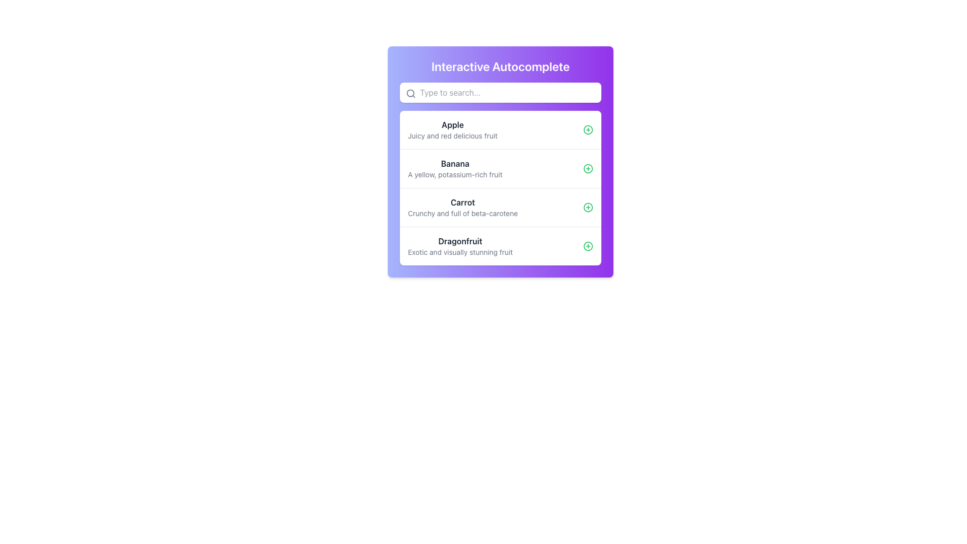  Describe the element at coordinates (454, 163) in the screenshot. I see `text label indicating the name of a fruit, located in a vertically stacked list, positioned directly below the 'Apple' entry and above the 'Carrot' entry` at that location.